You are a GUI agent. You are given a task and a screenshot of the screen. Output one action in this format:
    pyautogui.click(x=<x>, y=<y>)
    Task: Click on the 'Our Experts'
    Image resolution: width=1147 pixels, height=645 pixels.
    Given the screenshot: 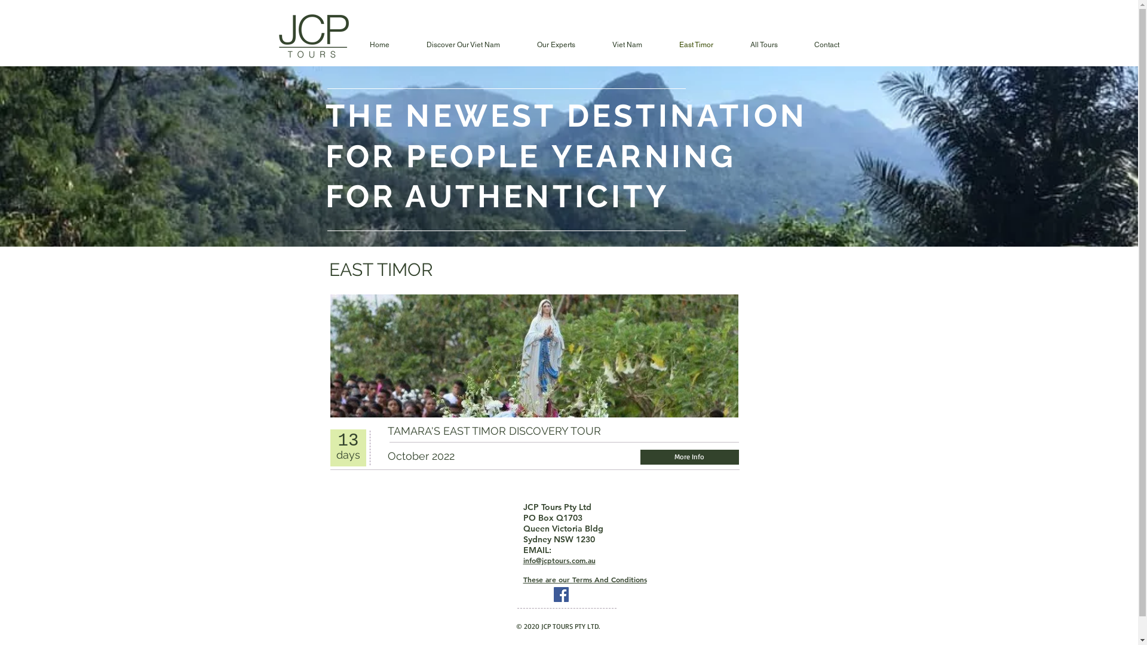 What is the action you would take?
    pyautogui.click(x=556, y=44)
    